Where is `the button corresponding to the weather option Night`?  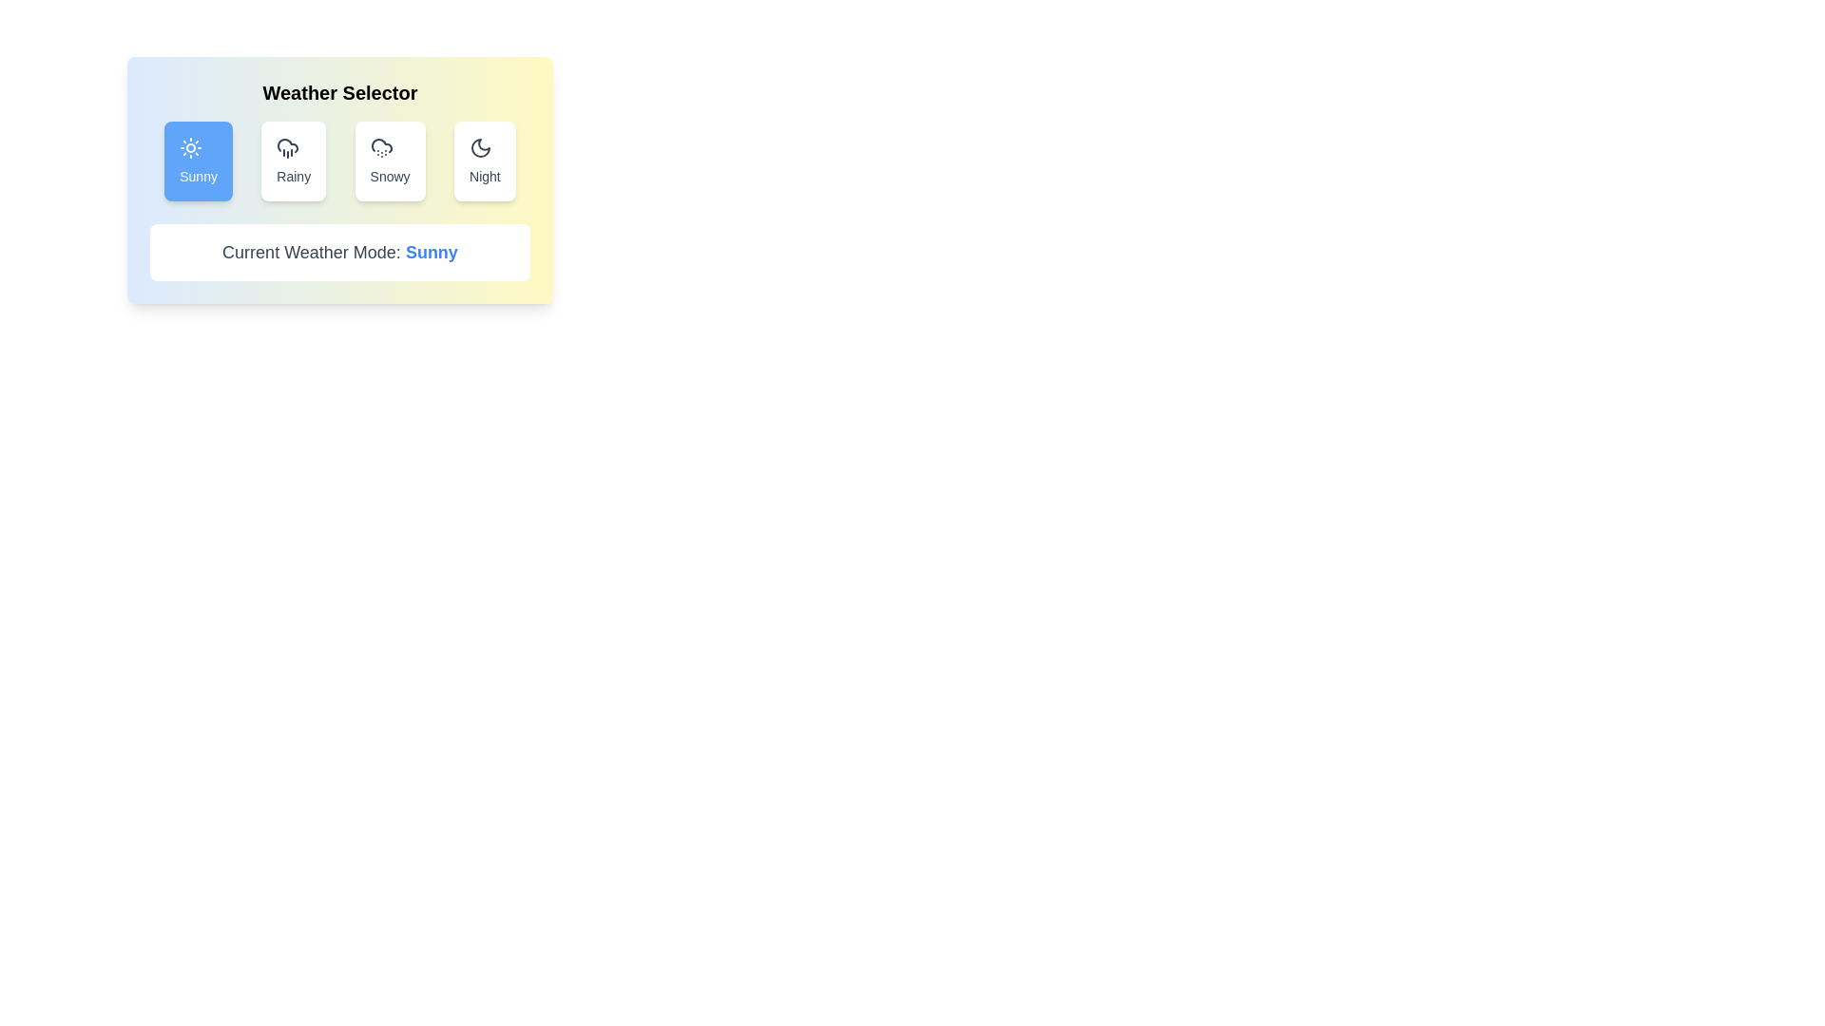
the button corresponding to the weather option Night is located at coordinates (485, 160).